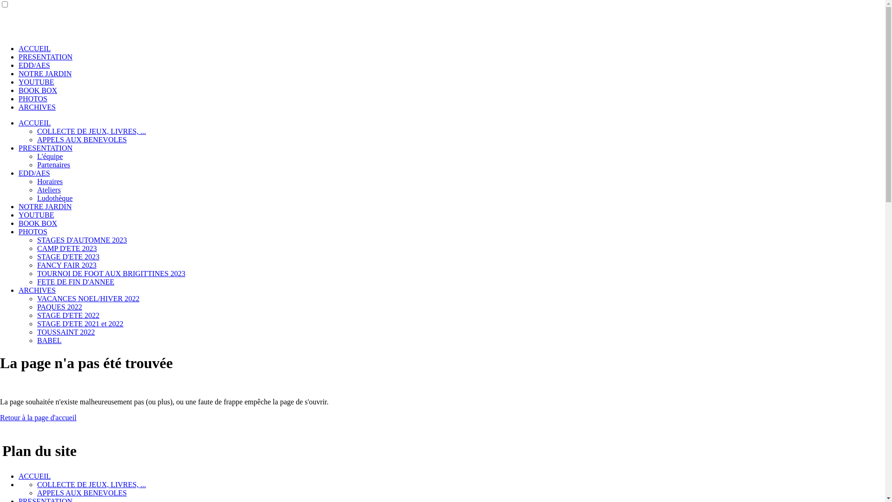  Describe the element at coordinates (48, 189) in the screenshot. I see `'Ateliers'` at that location.